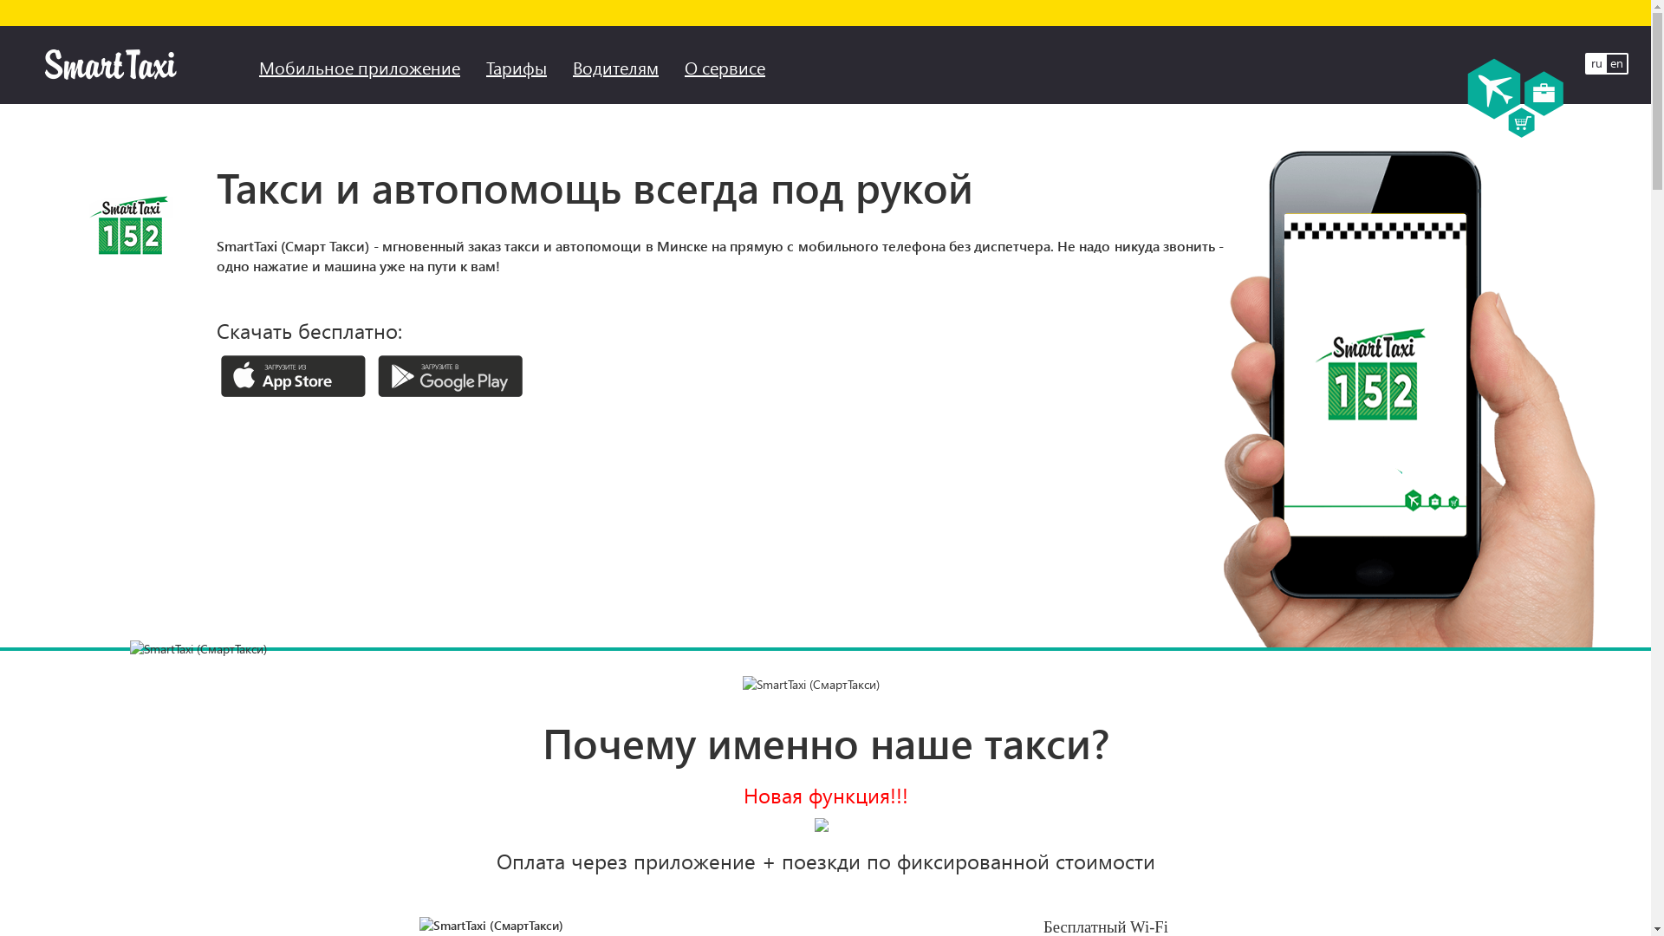 Image resolution: width=1664 pixels, height=936 pixels. Describe the element at coordinates (1596, 62) in the screenshot. I see `'ru'` at that location.